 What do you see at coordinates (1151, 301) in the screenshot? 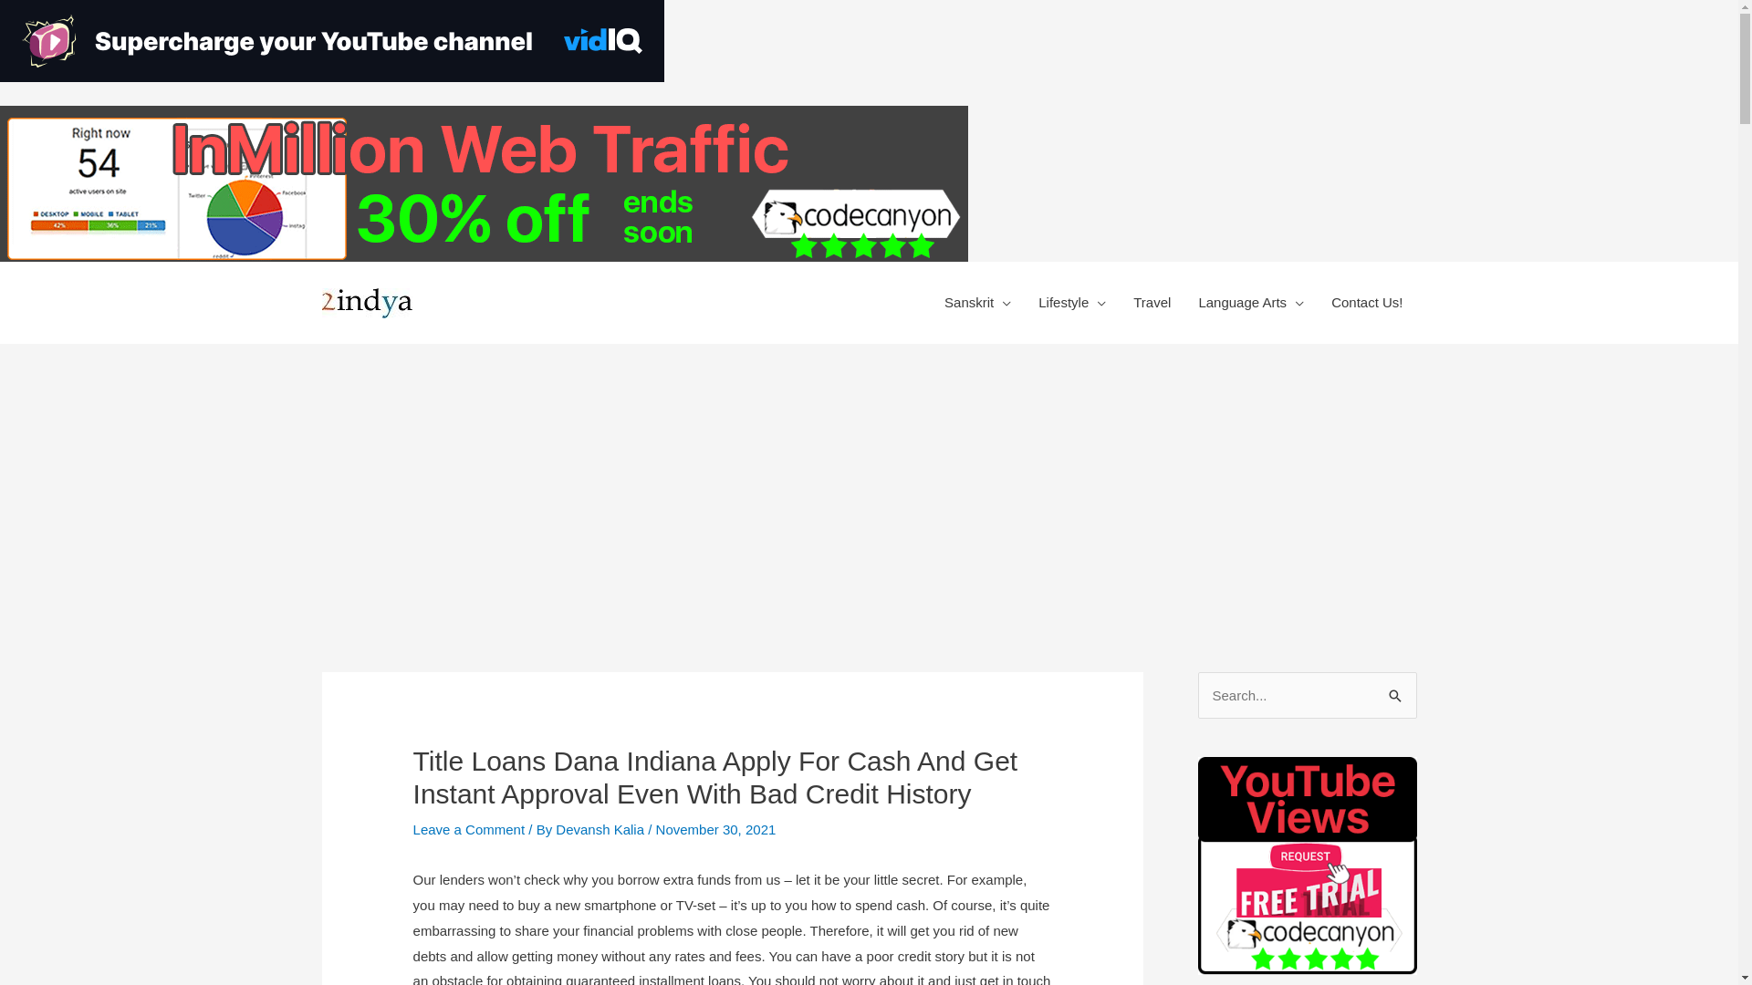
I see `'Travel'` at bounding box center [1151, 301].